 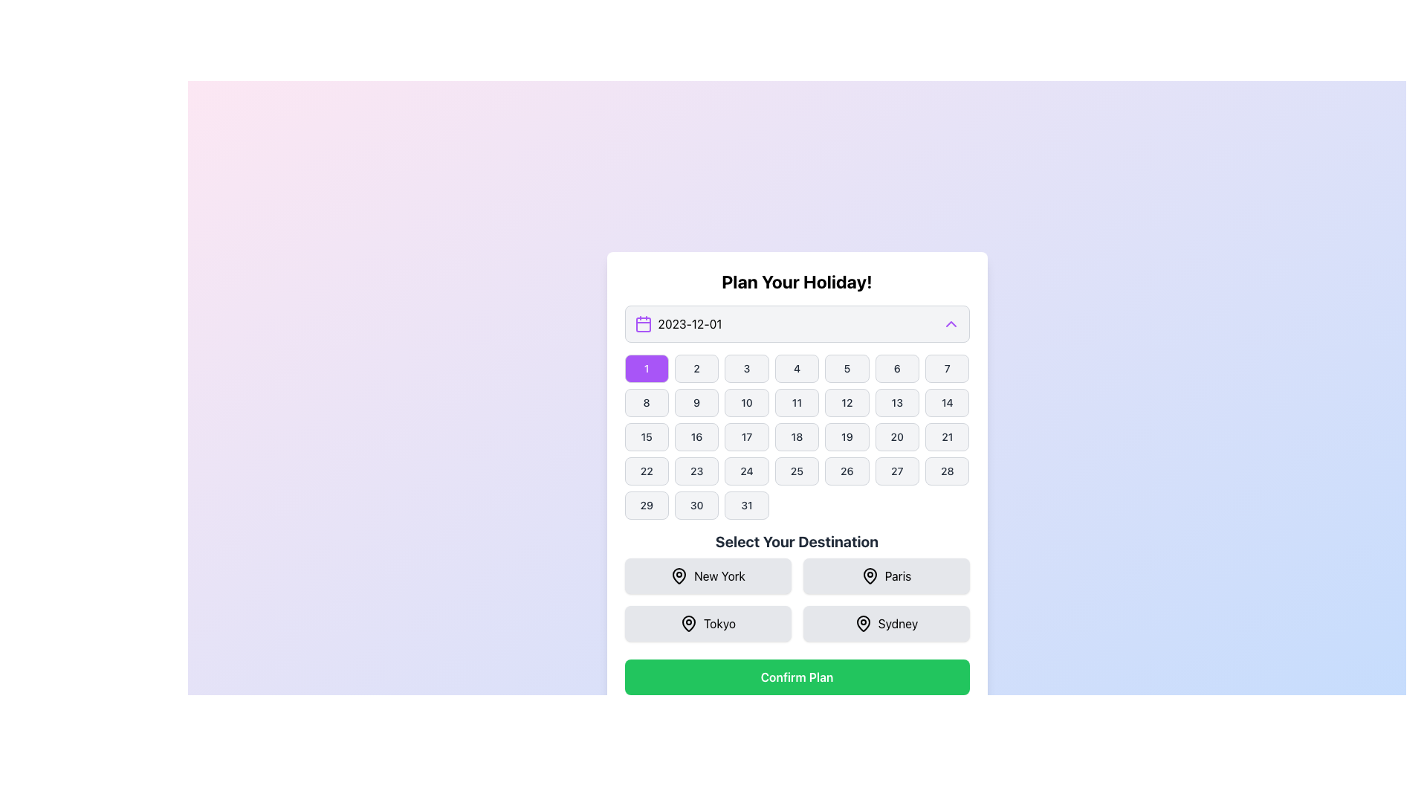 I want to click on the black pin icon with a circular border located to the left of the text 'Sydney' in the button at the bottom right of the 'Select Your Destination' section, so click(x=863, y=624).